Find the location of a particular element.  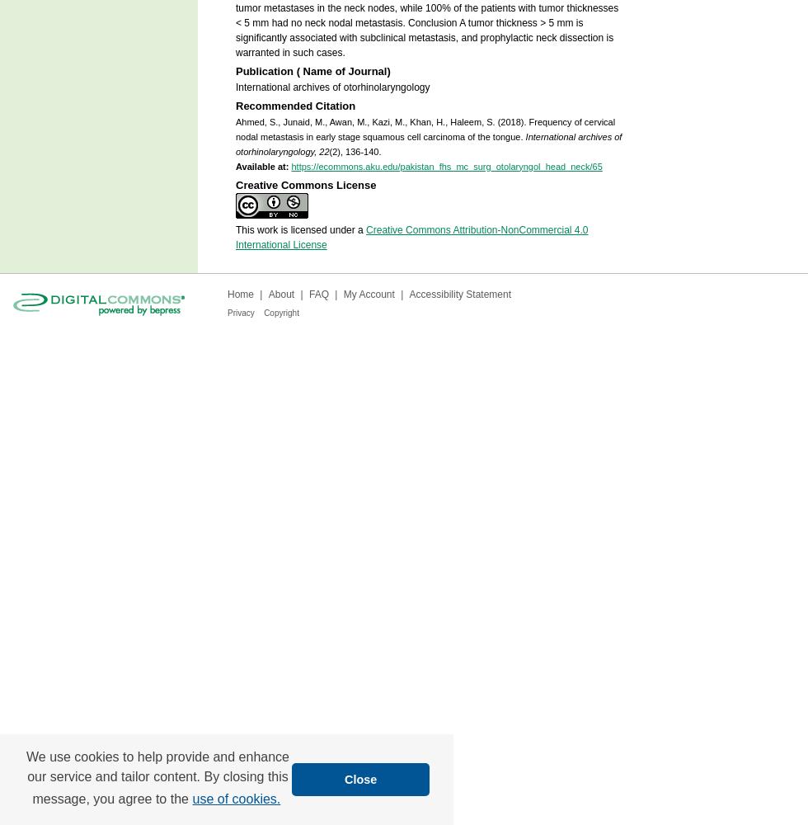

'Close' is located at coordinates (360, 778).